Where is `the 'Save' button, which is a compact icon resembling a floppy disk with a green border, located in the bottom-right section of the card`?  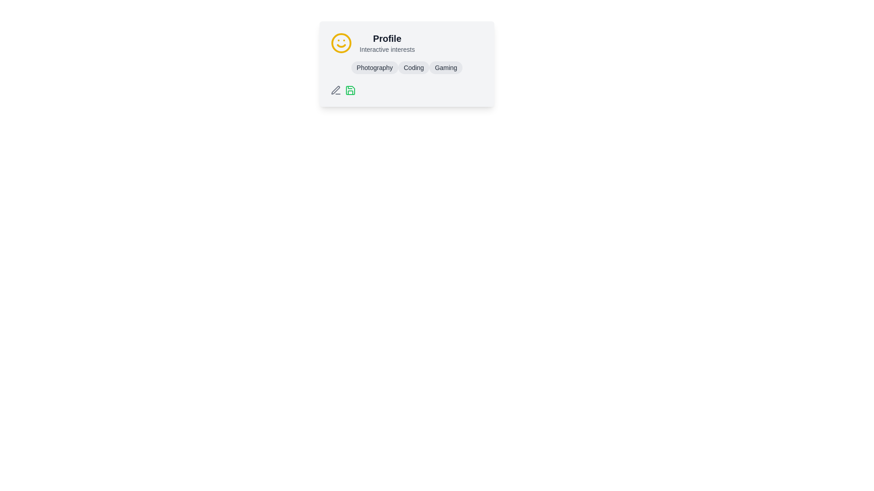 the 'Save' button, which is a compact icon resembling a floppy disk with a green border, located in the bottom-right section of the card is located at coordinates (350, 90).